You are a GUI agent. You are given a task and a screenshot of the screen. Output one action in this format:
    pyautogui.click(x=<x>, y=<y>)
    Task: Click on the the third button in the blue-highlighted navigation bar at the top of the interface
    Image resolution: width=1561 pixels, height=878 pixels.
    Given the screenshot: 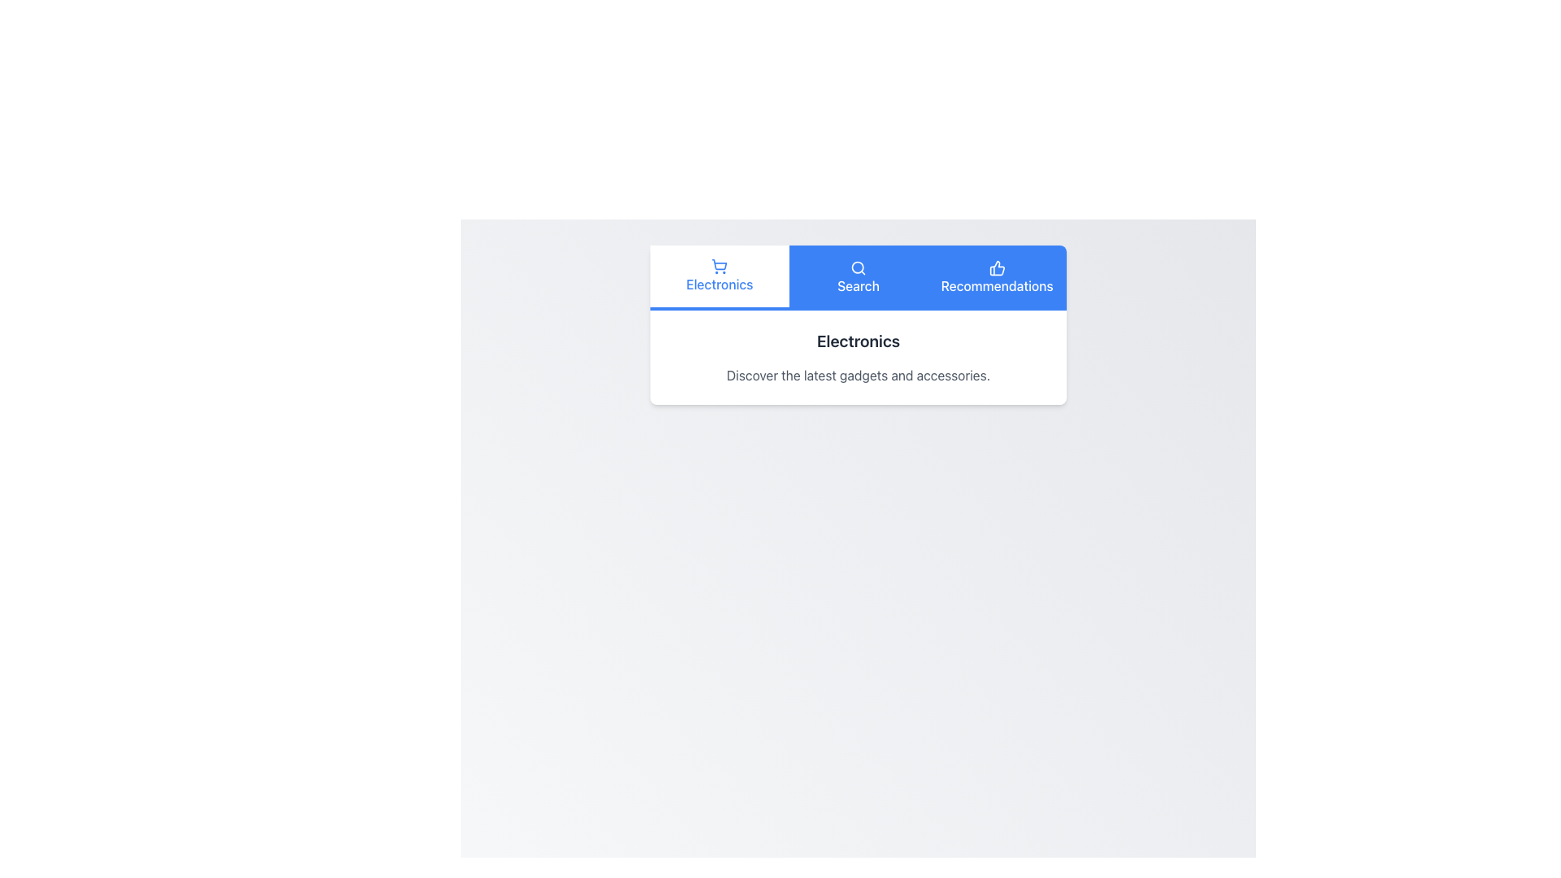 What is the action you would take?
    pyautogui.click(x=996, y=277)
    